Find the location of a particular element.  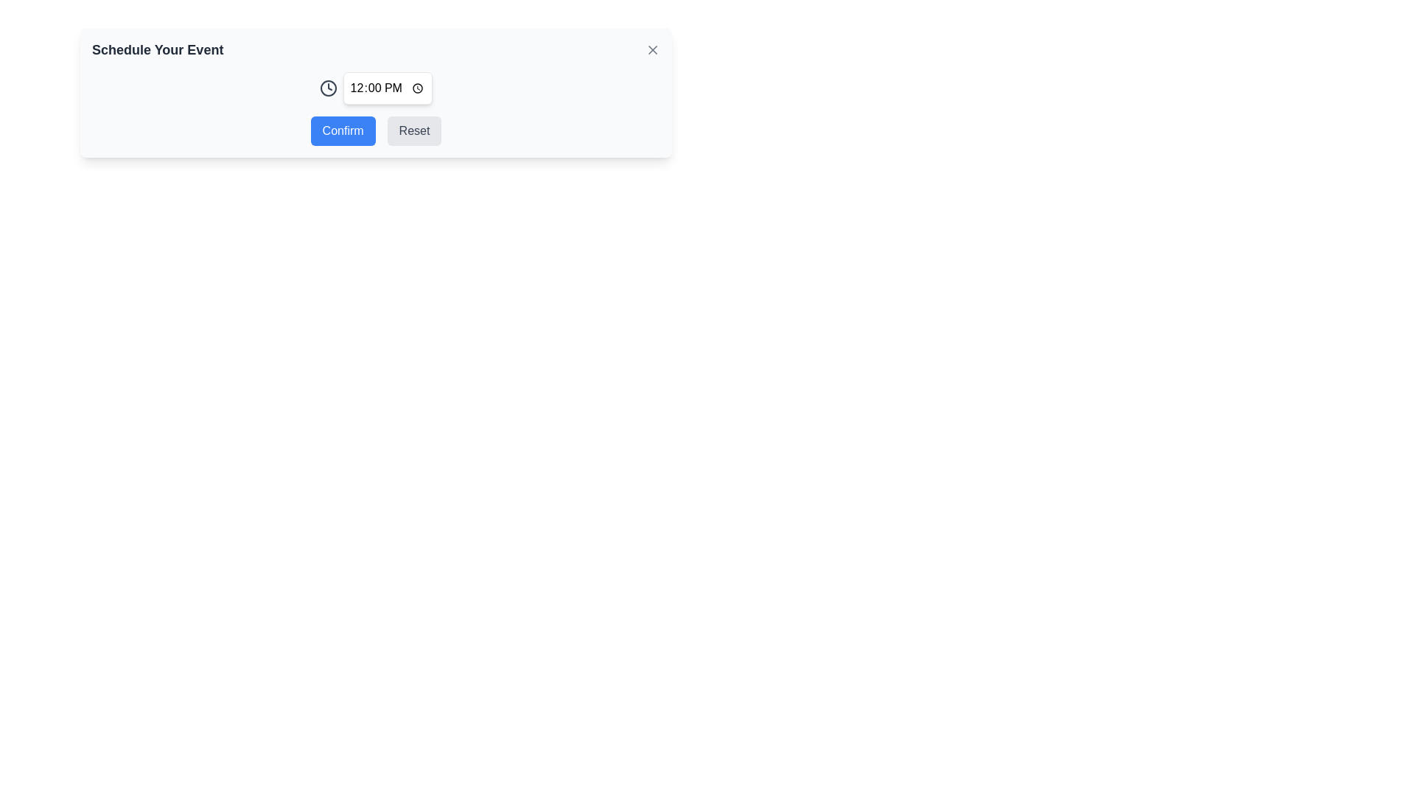

the clock icon, which is a gray clock face with hands, positioned to the left of the input field displaying '12:00 PM' is located at coordinates (327, 88).